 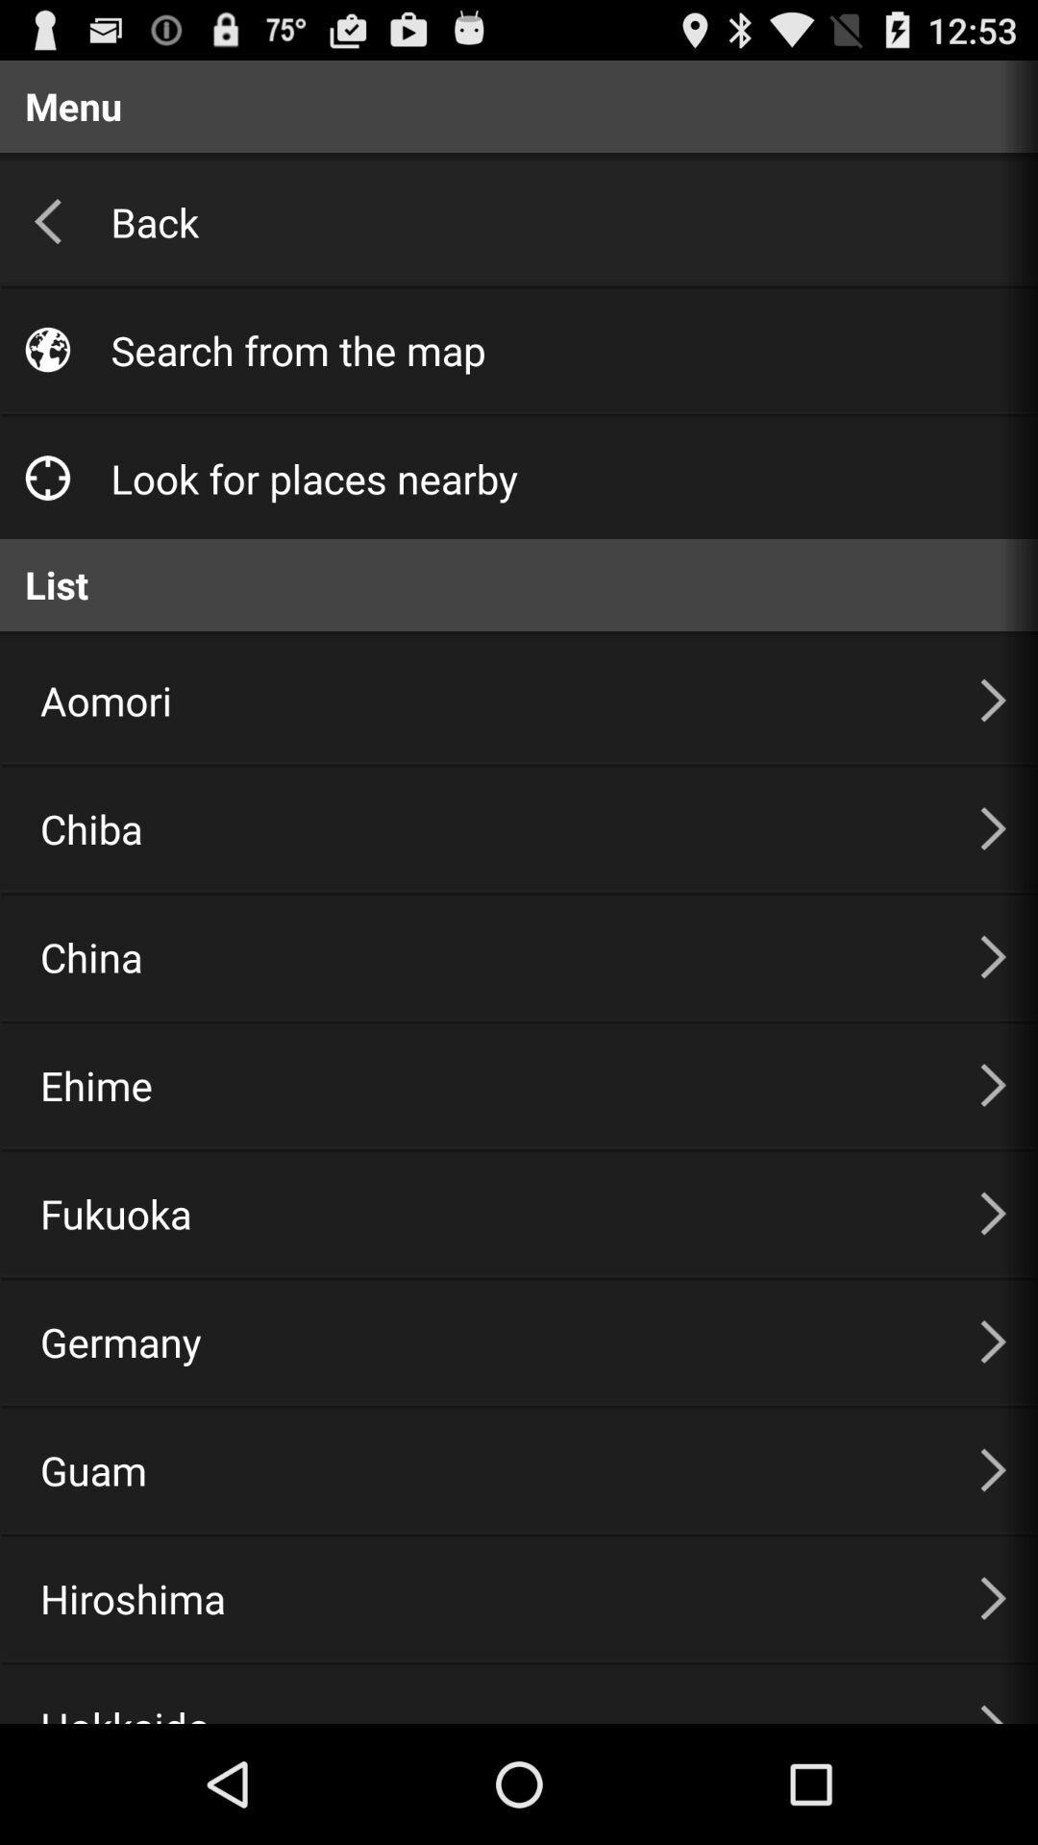 What do you see at coordinates (993, 1598) in the screenshot?
I see `tap the next button beside hiroshima` at bounding box center [993, 1598].